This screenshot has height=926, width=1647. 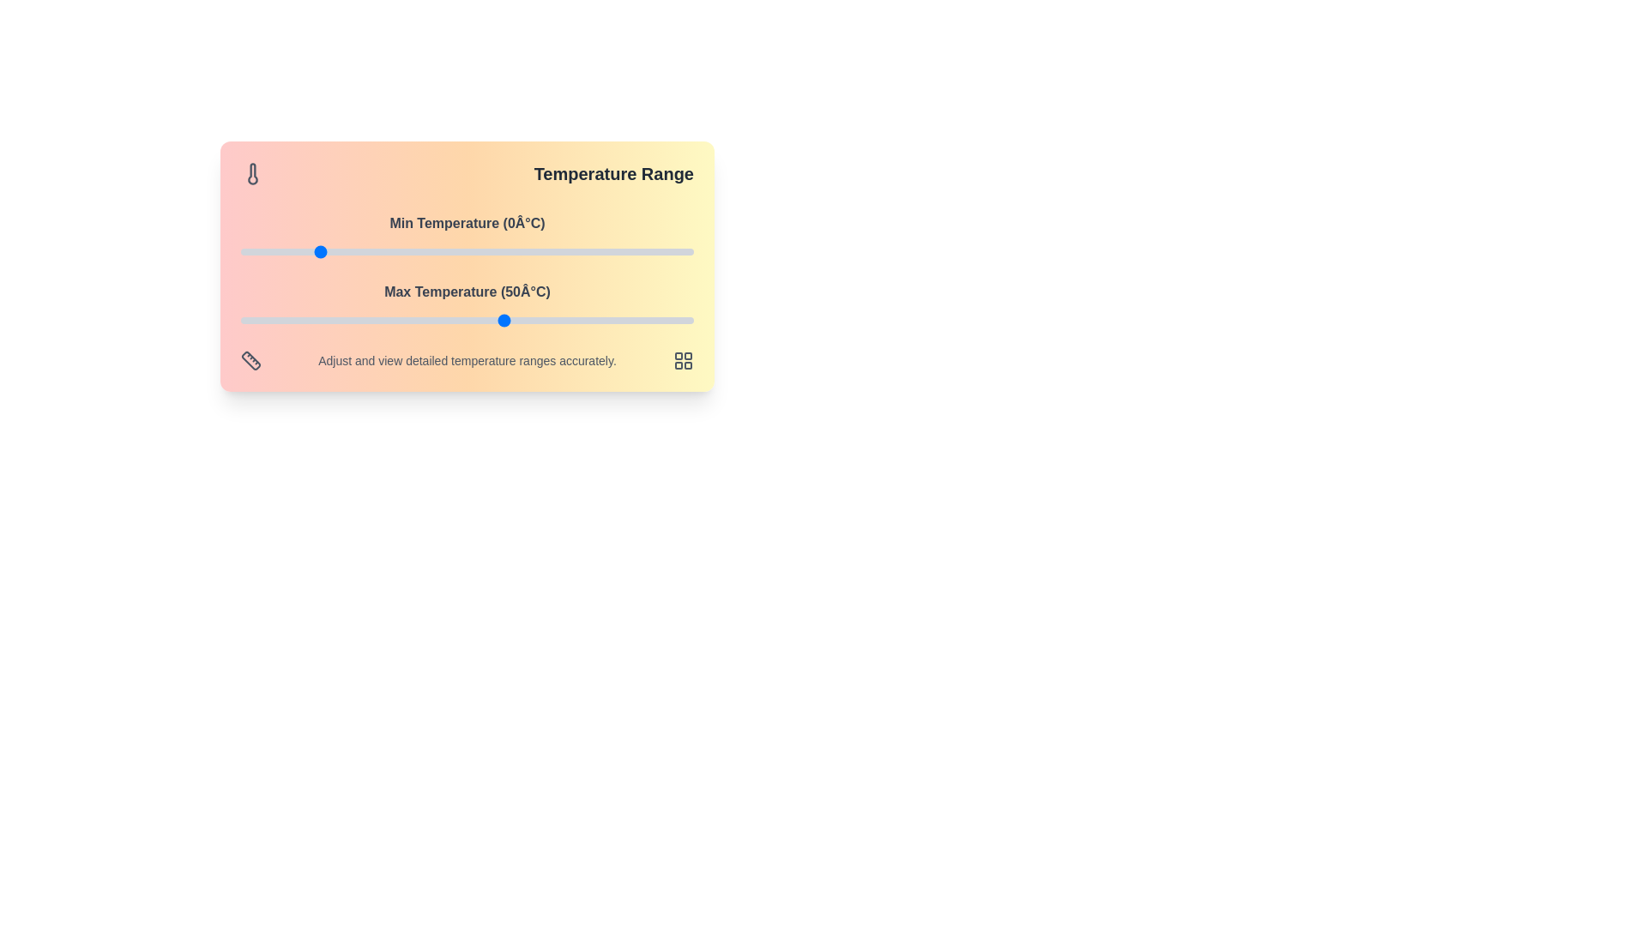 What do you see at coordinates (546, 321) in the screenshot?
I see `the maximum temperature slider to 61°C` at bounding box center [546, 321].